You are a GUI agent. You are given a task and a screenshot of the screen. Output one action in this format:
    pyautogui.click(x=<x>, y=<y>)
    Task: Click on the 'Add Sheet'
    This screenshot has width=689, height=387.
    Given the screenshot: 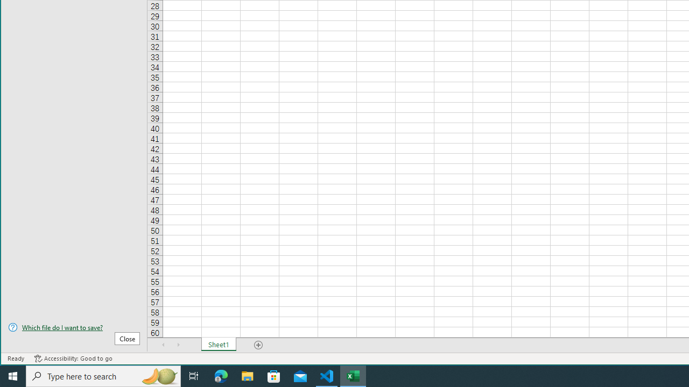 What is the action you would take?
    pyautogui.click(x=259, y=345)
    